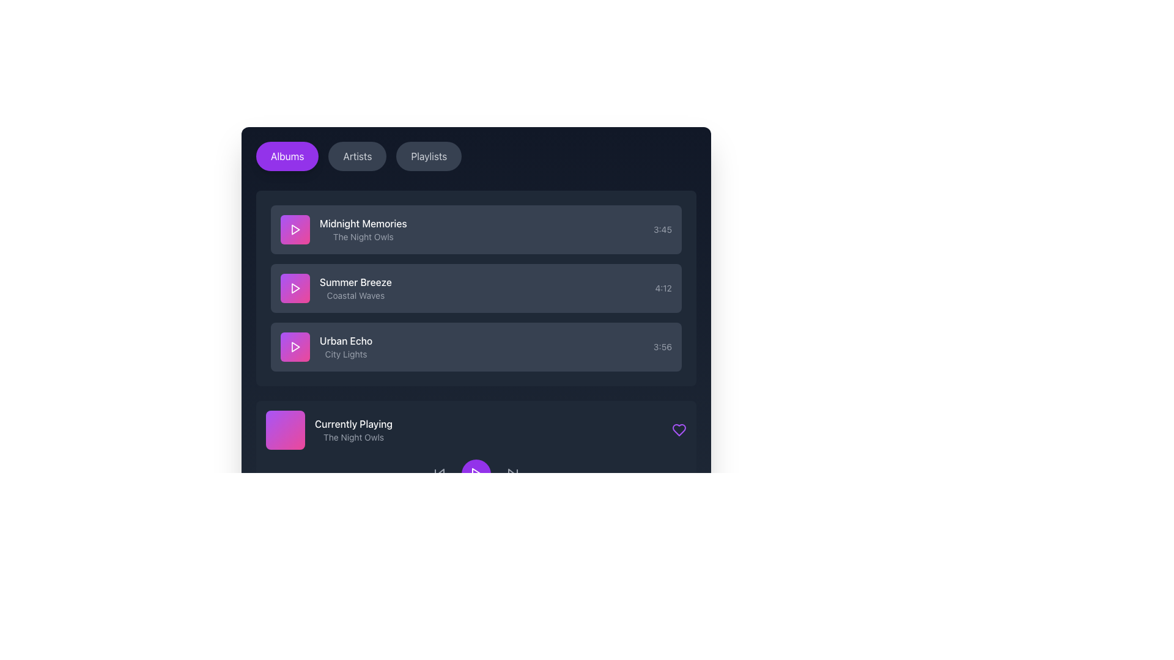 The width and height of the screenshot is (1174, 660). Describe the element at coordinates (678, 430) in the screenshot. I see `the heart-shaped icon button in the 'Currently Playing' section` at that location.